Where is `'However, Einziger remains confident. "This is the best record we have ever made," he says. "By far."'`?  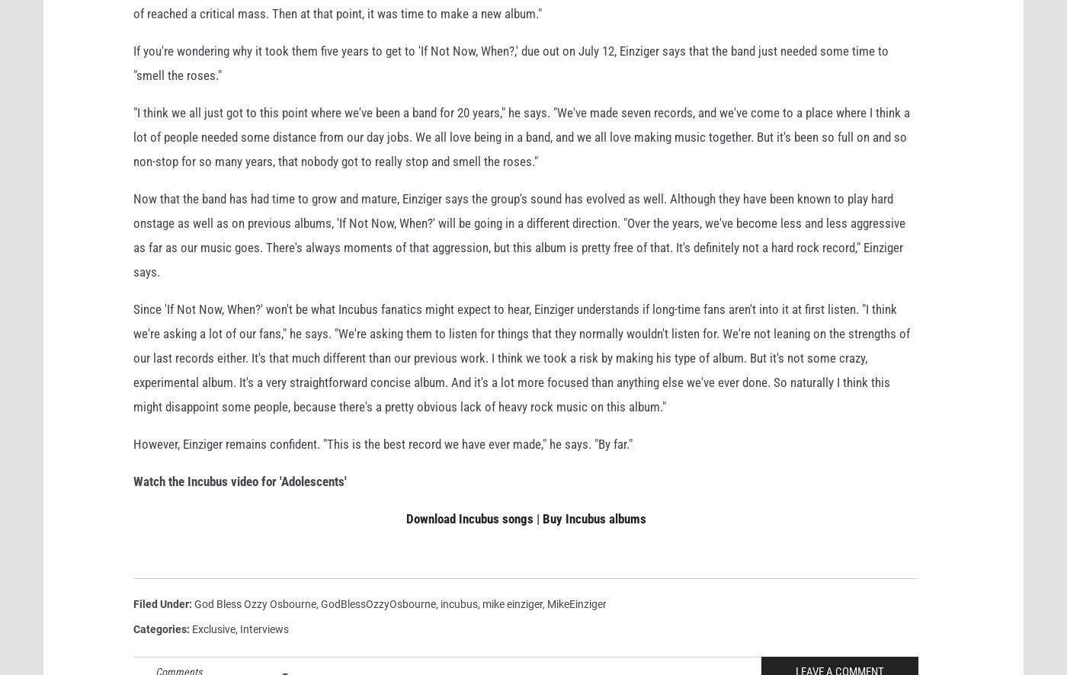 'However, Einziger remains confident. "This is the best record we have ever made," he says. "By far."' is located at coordinates (383, 467).